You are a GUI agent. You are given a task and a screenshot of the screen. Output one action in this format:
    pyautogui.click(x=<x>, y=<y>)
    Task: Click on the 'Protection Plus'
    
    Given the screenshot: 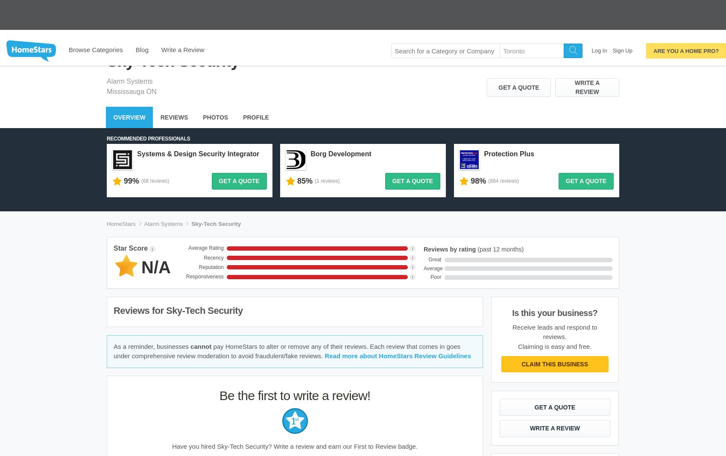 What is the action you would take?
    pyautogui.click(x=484, y=117)
    